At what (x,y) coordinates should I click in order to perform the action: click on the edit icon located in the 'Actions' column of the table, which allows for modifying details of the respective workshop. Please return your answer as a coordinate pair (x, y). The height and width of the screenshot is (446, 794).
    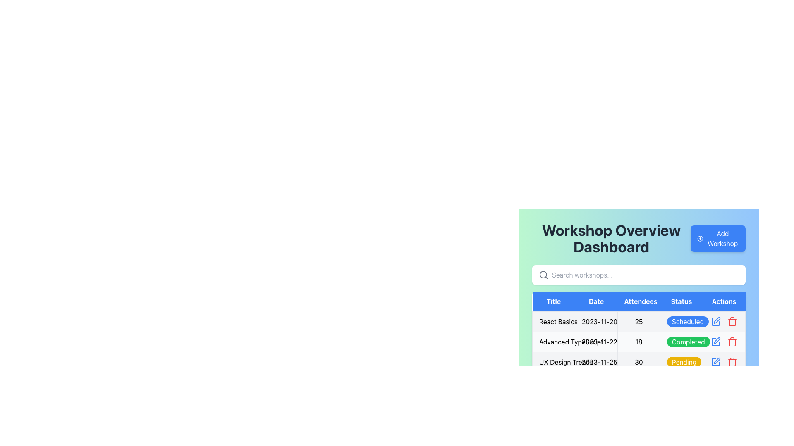
    Looking at the image, I should click on (716, 320).